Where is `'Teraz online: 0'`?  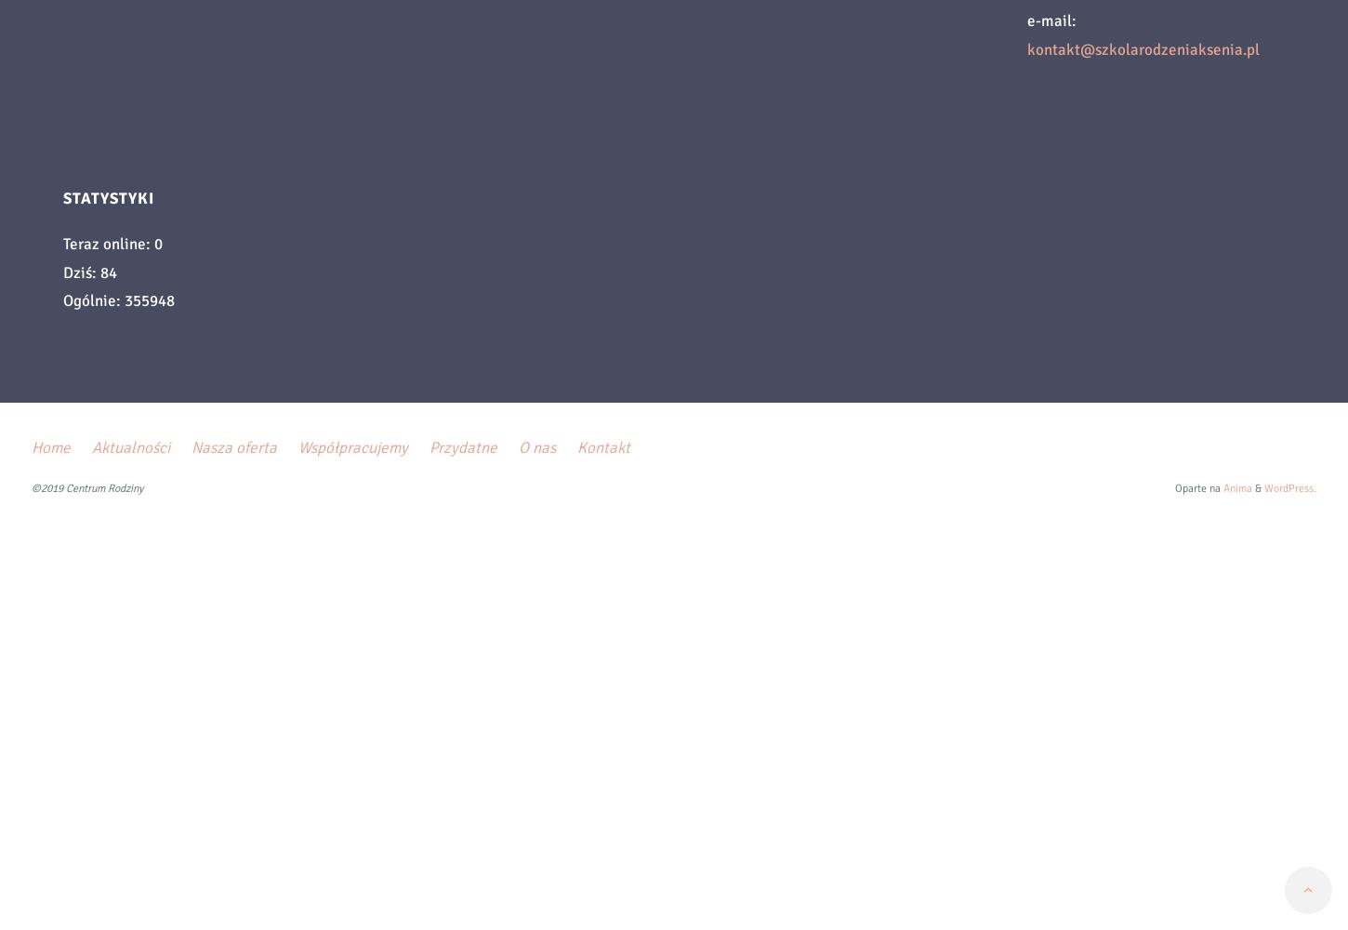 'Teraz online: 0' is located at coordinates (112, 244).